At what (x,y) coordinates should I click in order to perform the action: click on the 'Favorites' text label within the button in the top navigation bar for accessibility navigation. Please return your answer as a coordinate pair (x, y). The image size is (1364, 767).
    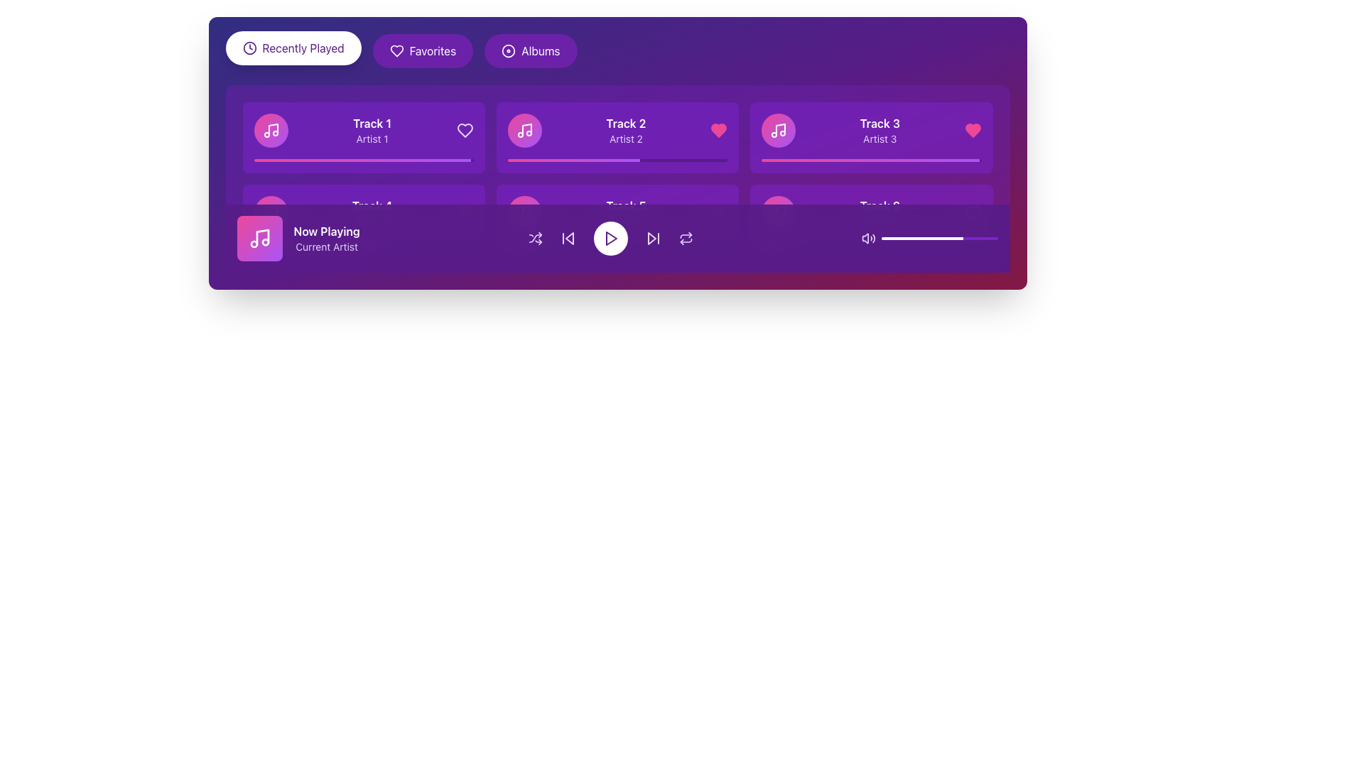
    Looking at the image, I should click on (432, 50).